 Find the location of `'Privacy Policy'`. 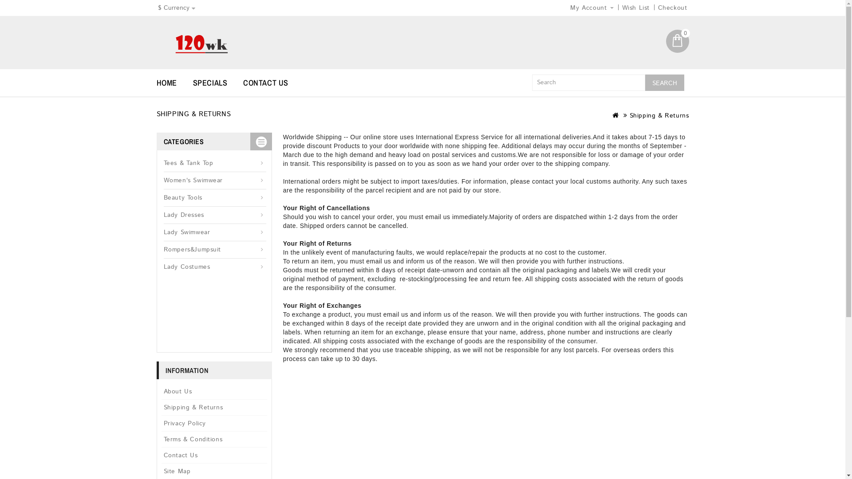

'Privacy Policy' is located at coordinates (162, 423).